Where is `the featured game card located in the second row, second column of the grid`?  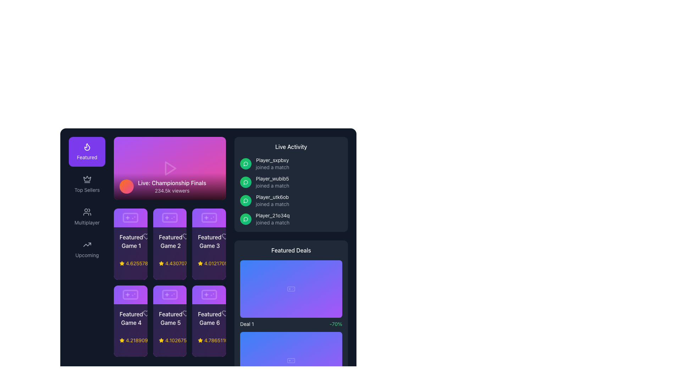
the featured game card located in the second row, second column of the grid is located at coordinates (170, 282).